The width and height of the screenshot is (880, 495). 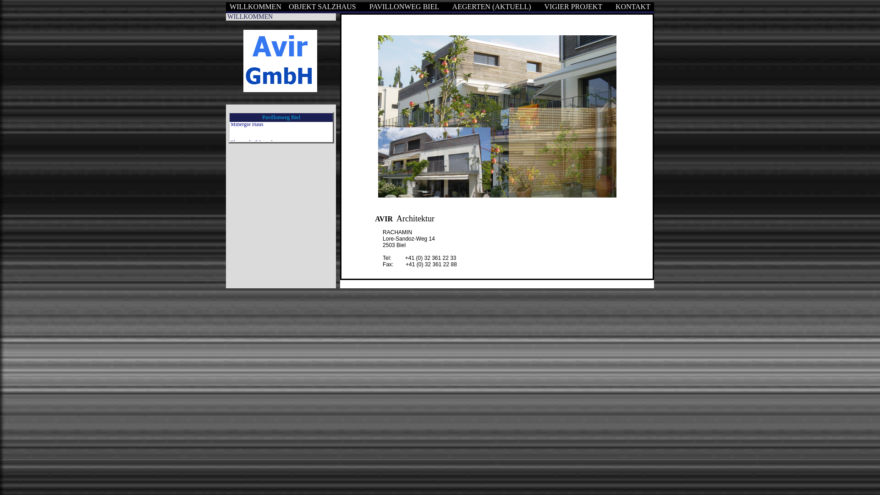 I want to click on 'Photovoltaikfassade', so click(x=253, y=126).